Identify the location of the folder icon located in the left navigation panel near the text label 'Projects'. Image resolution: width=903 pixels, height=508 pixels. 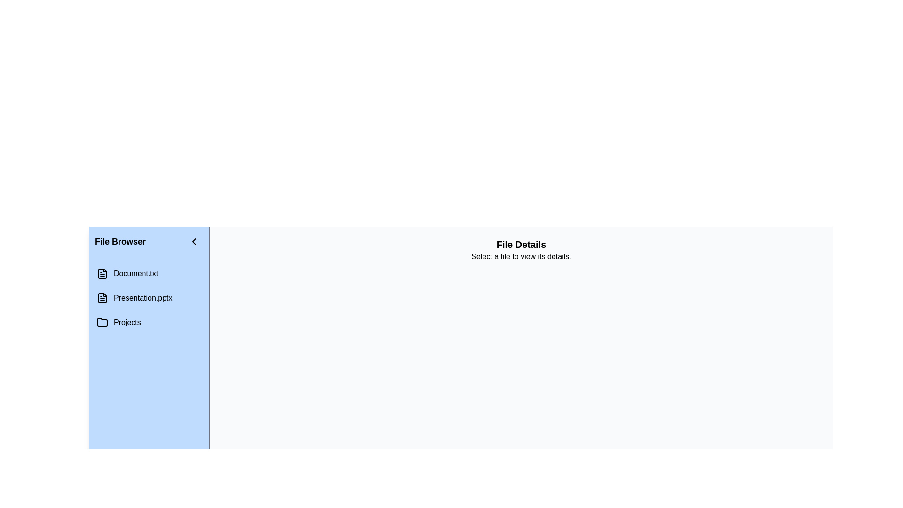
(102, 322).